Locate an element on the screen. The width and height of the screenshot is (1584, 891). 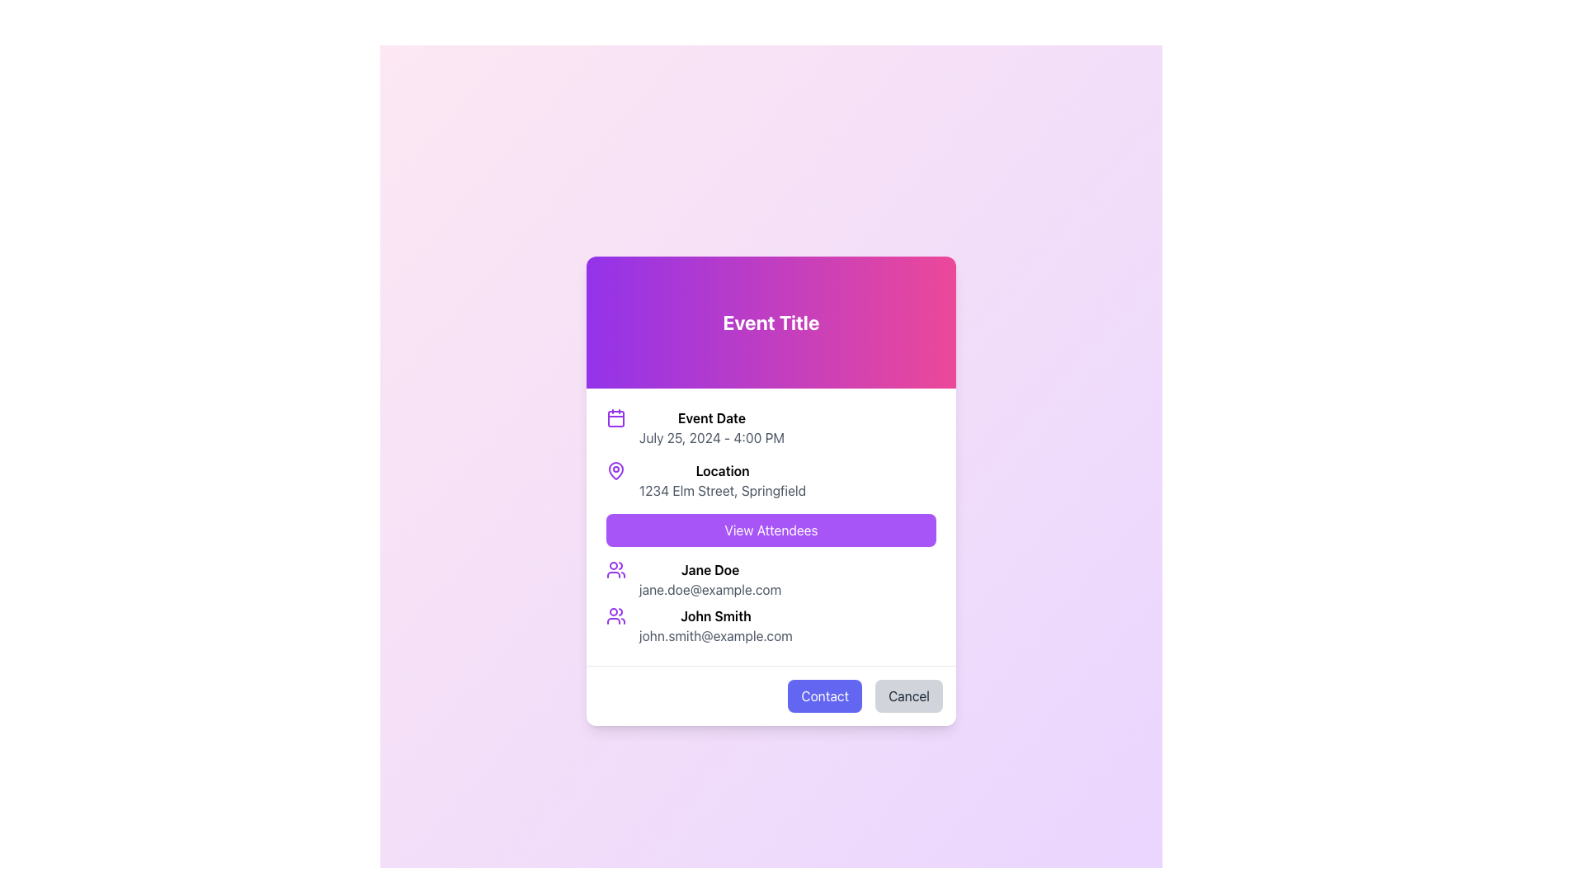
the 'Contact' button located at the bottom of the card layout, which is the last element below the event attendees section, to initiate communication is located at coordinates (771, 695).